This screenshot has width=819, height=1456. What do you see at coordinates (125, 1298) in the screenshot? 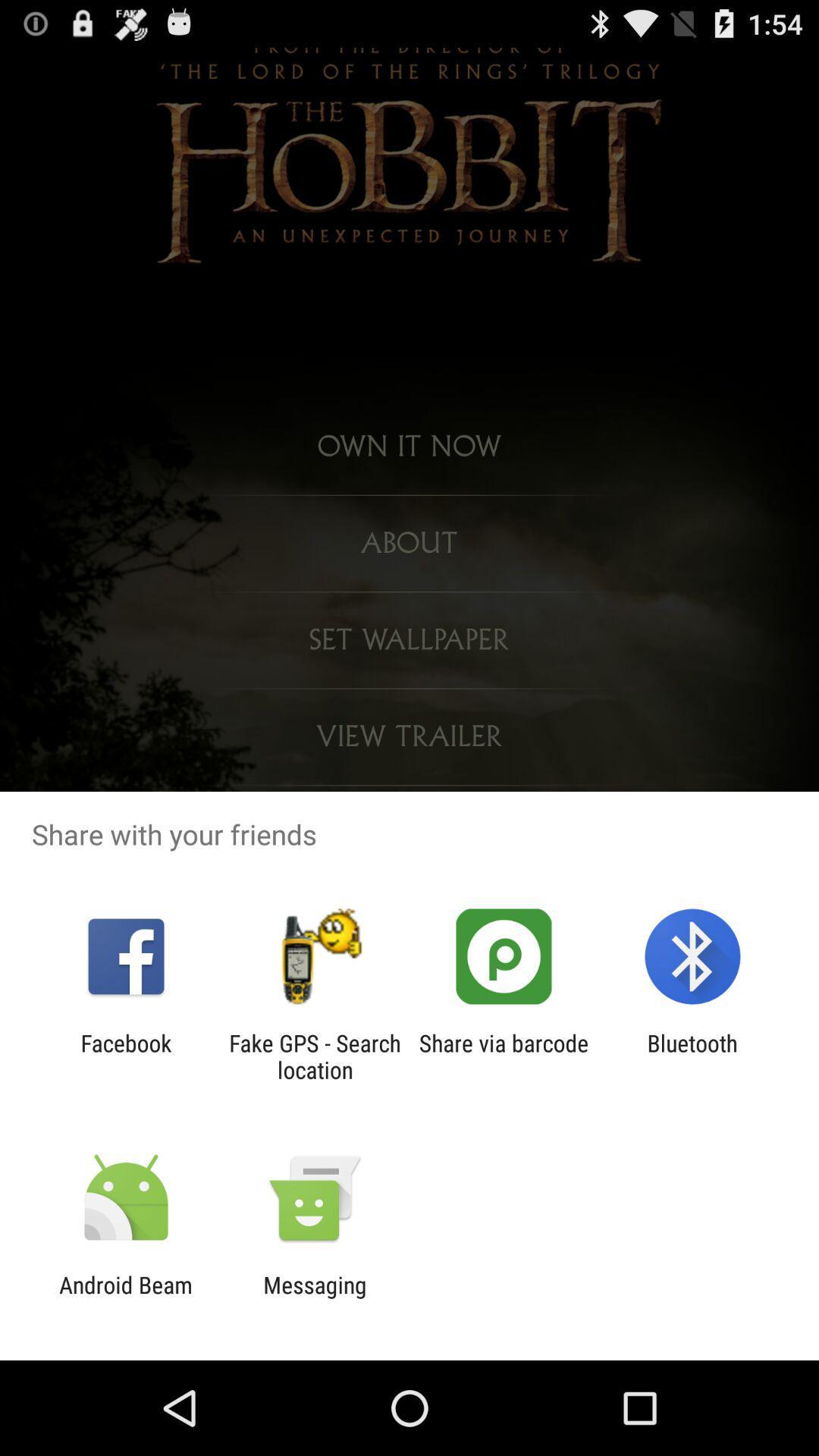
I see `the app to the left of messaging` at bounding box center [125, 1298].